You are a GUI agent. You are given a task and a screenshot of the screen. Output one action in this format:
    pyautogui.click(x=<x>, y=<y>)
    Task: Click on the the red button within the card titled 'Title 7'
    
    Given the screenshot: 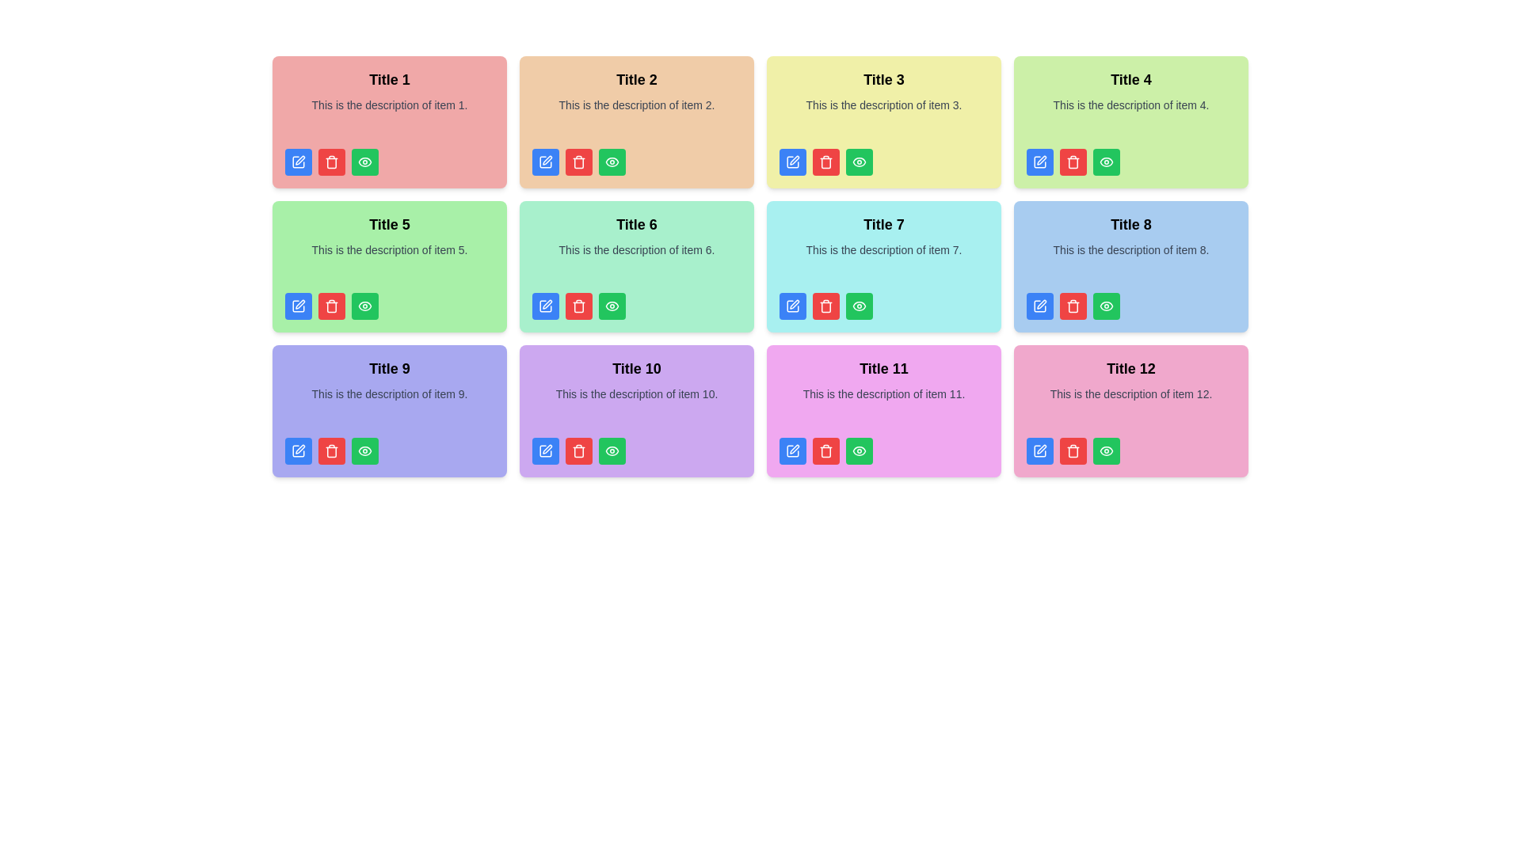 What is the action you would take?
    pyautogui.click(x=883, y=264)
    